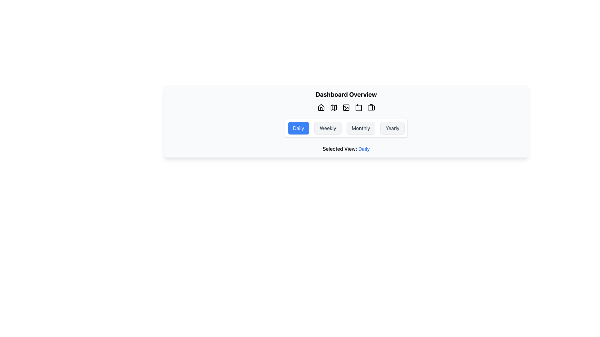 The width and height of the screenshot is (600, 337). I want to click on the fourth icon button, so click(346, 107).